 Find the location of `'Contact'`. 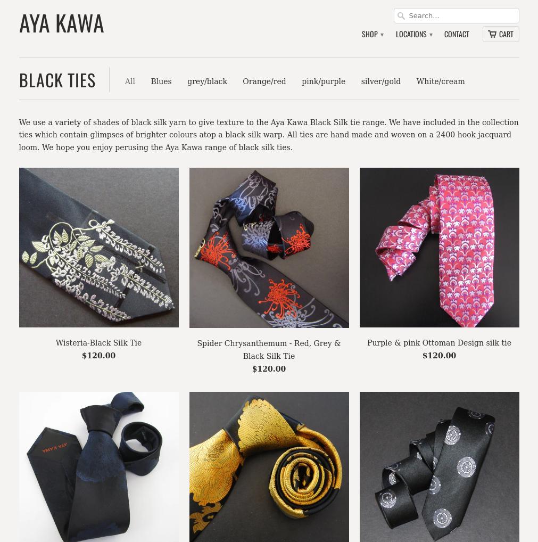

'Contact' is located at coordinates (457, 34).